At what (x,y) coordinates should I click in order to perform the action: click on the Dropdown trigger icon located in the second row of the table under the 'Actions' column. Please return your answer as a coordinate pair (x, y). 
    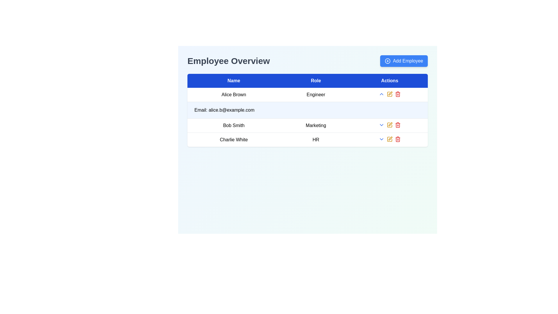
    Looking at the image, I should click on (381, 124).